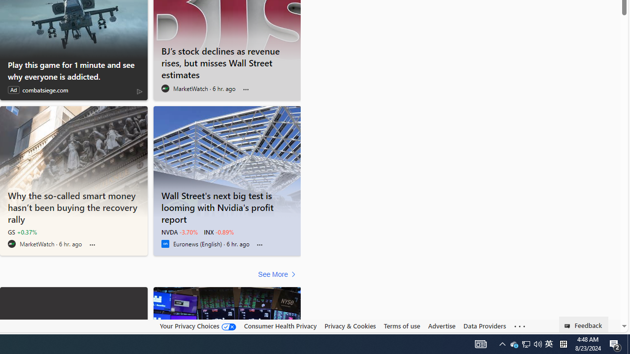 The height and width of the screenshot is (354, 630). I want to click on 'Consumer Health Privacy', so click(280, 325).